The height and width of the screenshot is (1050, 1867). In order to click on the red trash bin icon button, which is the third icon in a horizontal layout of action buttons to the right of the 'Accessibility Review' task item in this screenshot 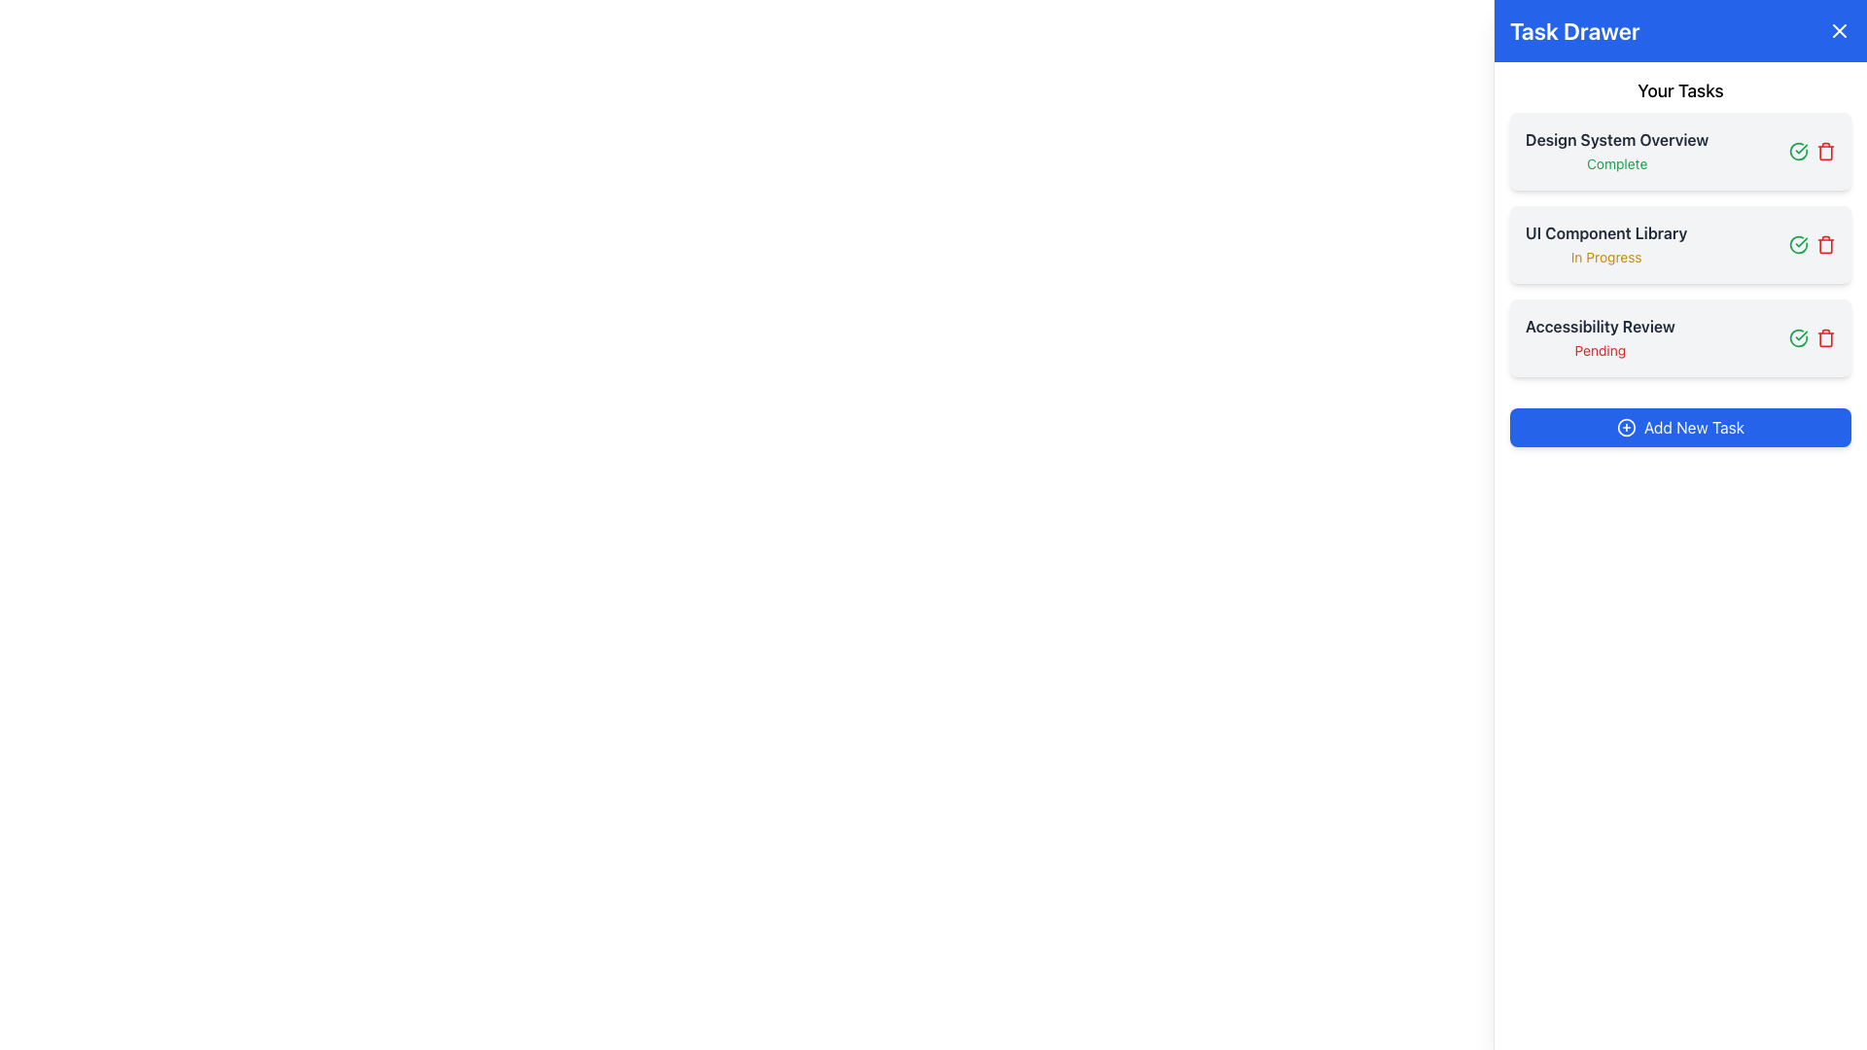, I will do `click(1824, 336)`.